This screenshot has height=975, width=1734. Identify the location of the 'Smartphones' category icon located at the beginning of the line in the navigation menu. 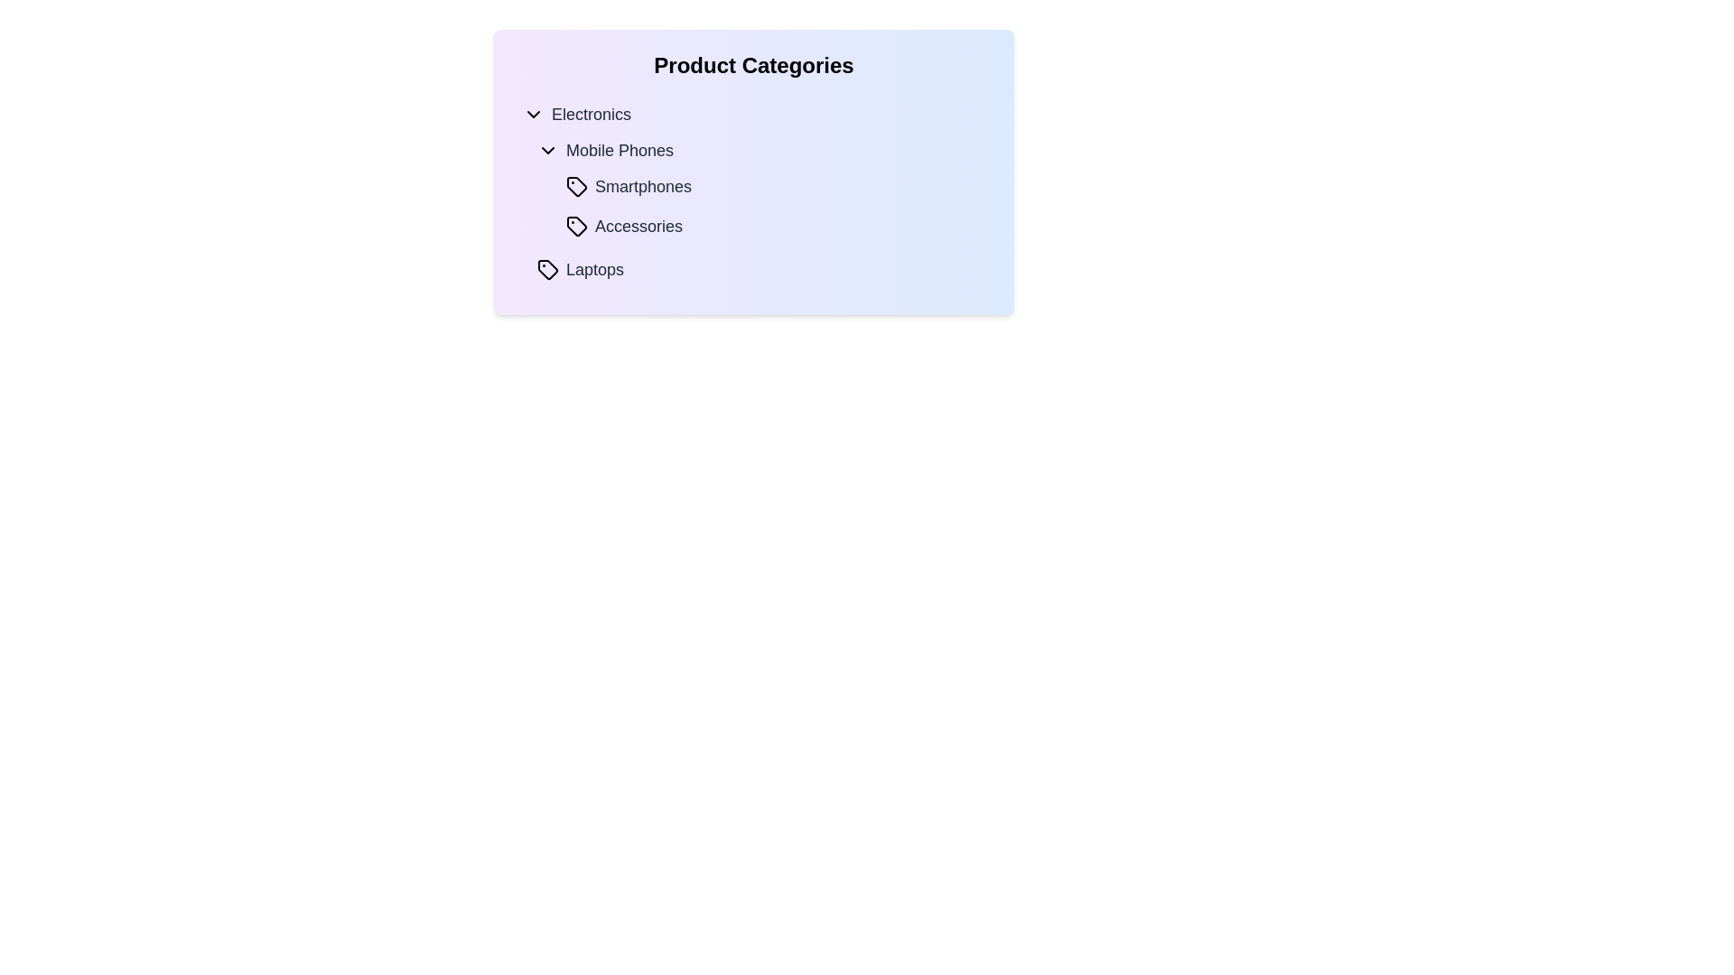
(575, 187).